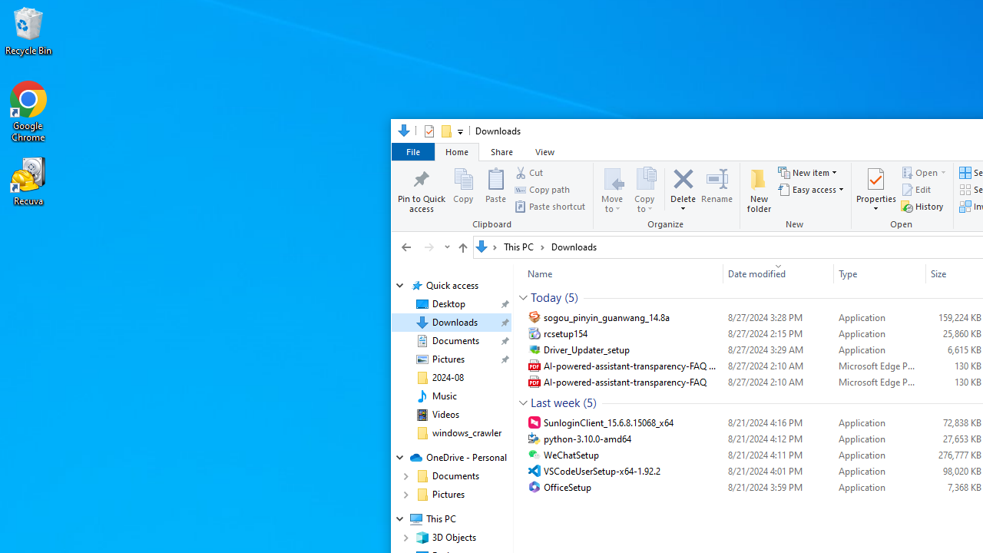 The height and width of the screenshot is (553, 983). What do you see at coordinates (501, 151) in the screenshot?
I see `'Share'` at bounding box center [501, 151].